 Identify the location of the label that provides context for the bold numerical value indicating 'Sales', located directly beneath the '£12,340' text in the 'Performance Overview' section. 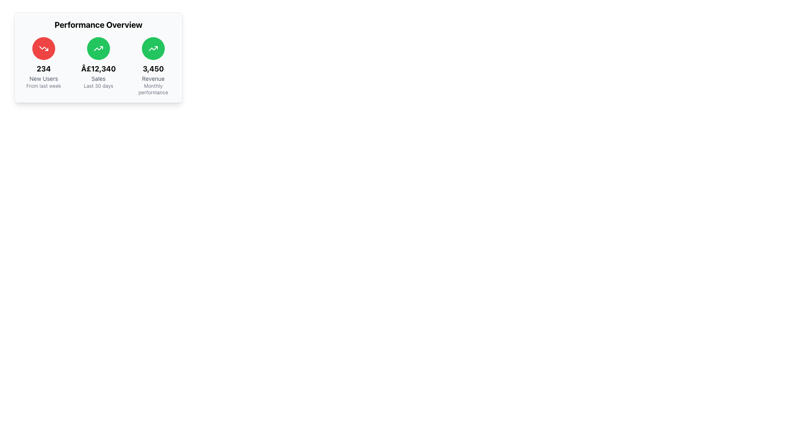
(98, 78).